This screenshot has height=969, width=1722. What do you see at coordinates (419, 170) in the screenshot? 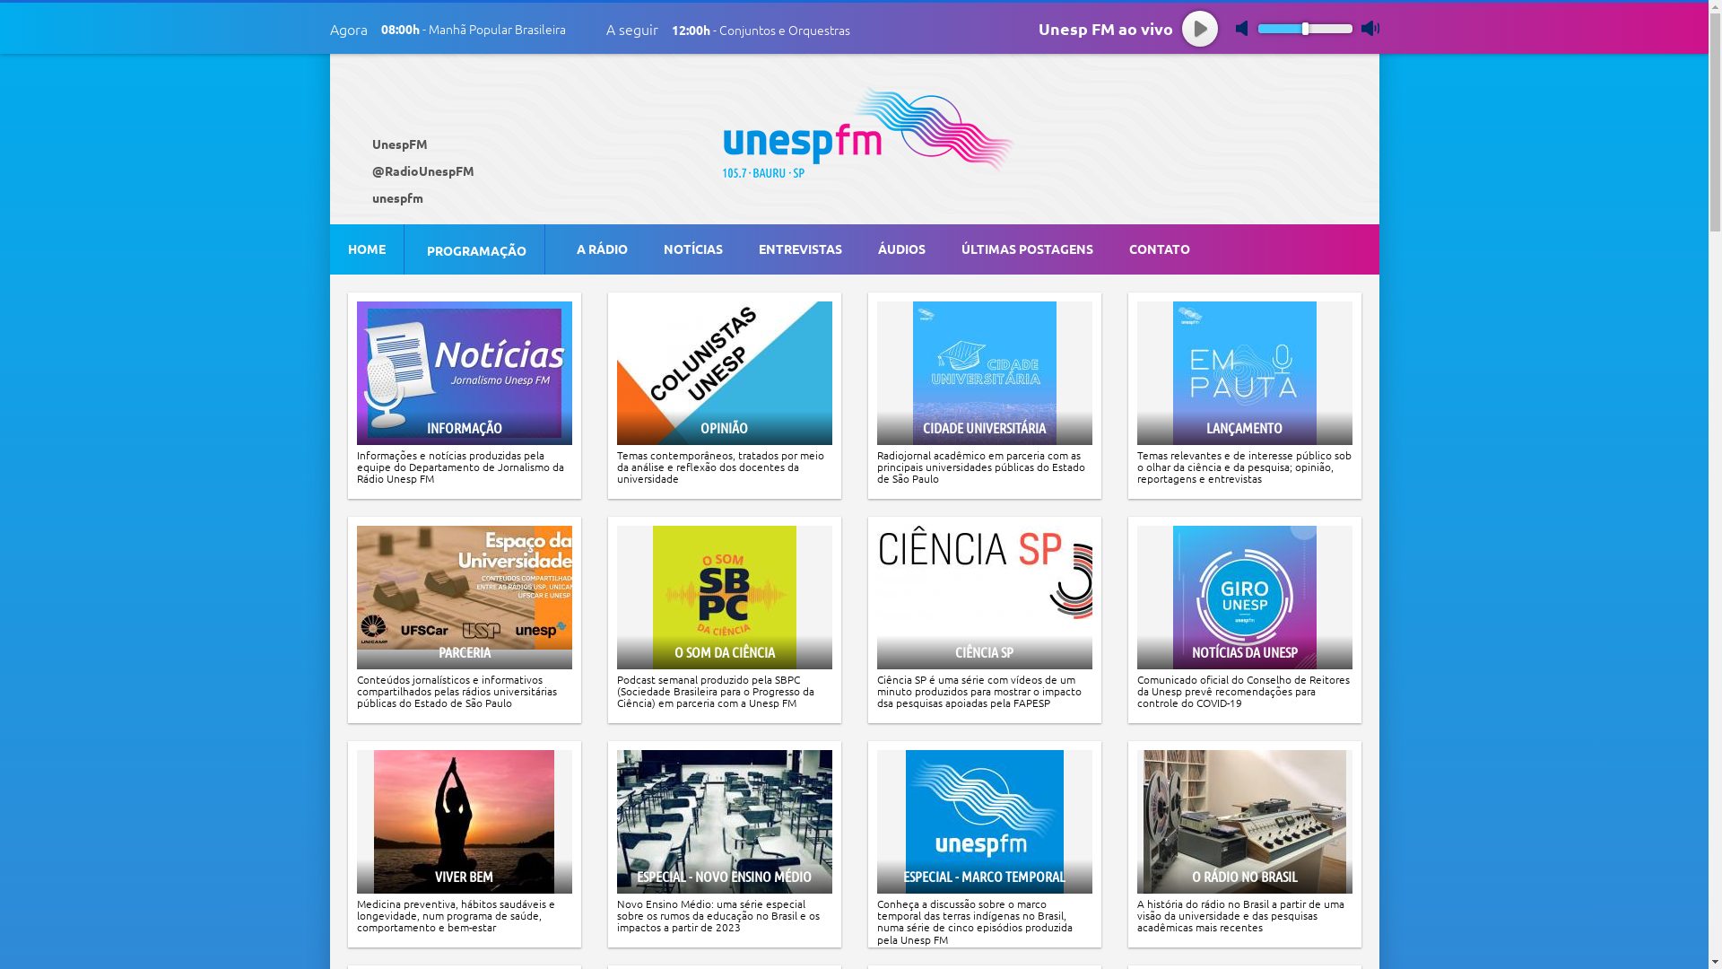
I see `' @RadioUnespFM'` at bounding box center [419, 170].